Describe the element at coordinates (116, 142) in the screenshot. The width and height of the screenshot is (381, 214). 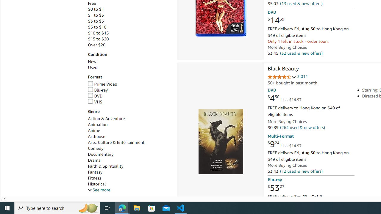
I see `'Arts, Culture & Entertainment'` at that location.